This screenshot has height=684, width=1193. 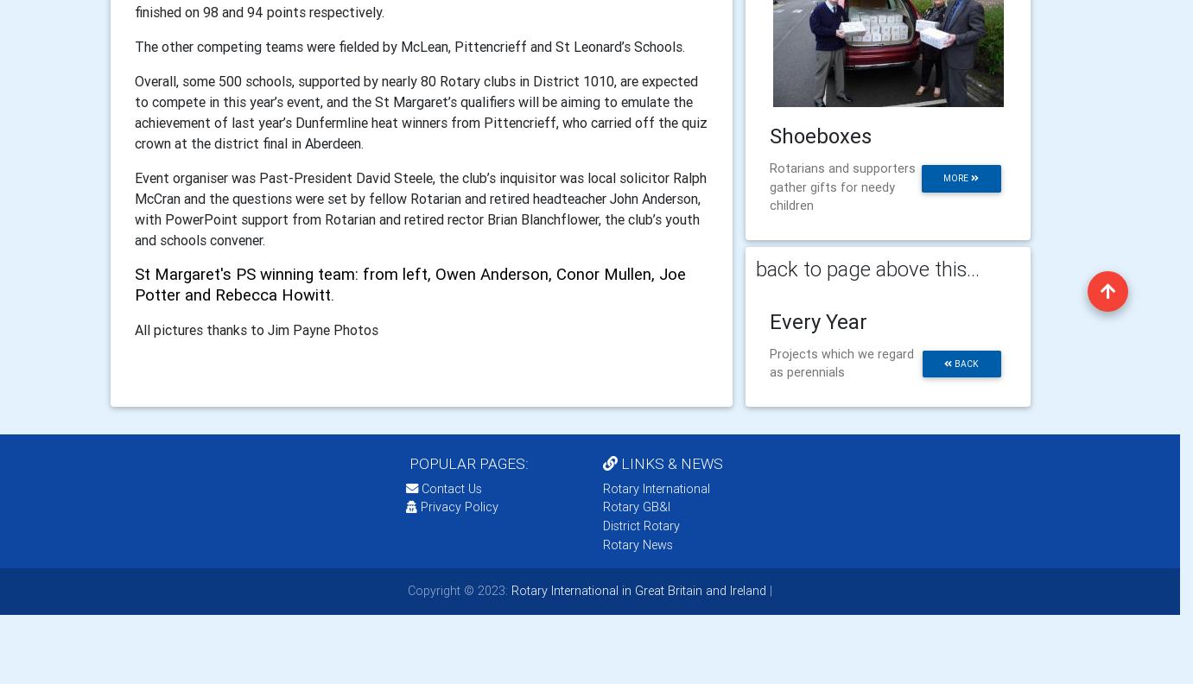 What do you see at coordinates (841, 361) in the screenshot?
I see `'Projects which we regard as perennials'` at bounding box center [841, 361].